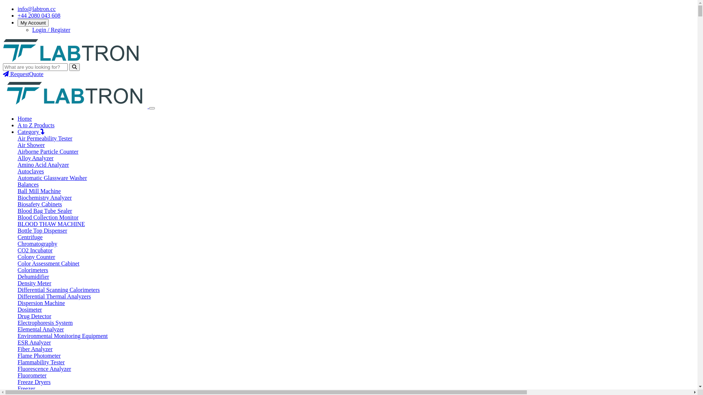 The height and width of the screenshot is (395, 703). What do you see at coordinates (37, 244) in the screenshot?
I see `'Chromatography'` at bounding box center [37, 244].